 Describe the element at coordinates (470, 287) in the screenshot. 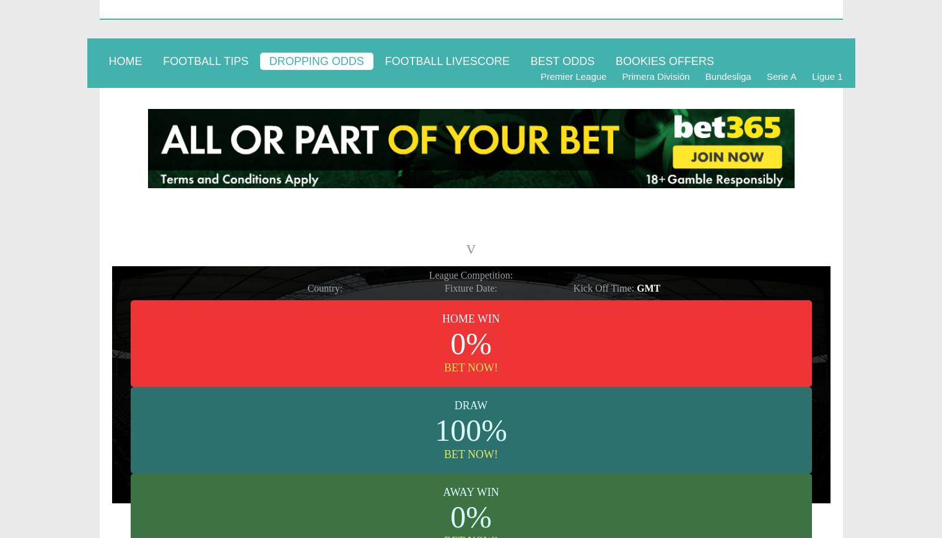

I see `'Fixture Date:'` at that location.